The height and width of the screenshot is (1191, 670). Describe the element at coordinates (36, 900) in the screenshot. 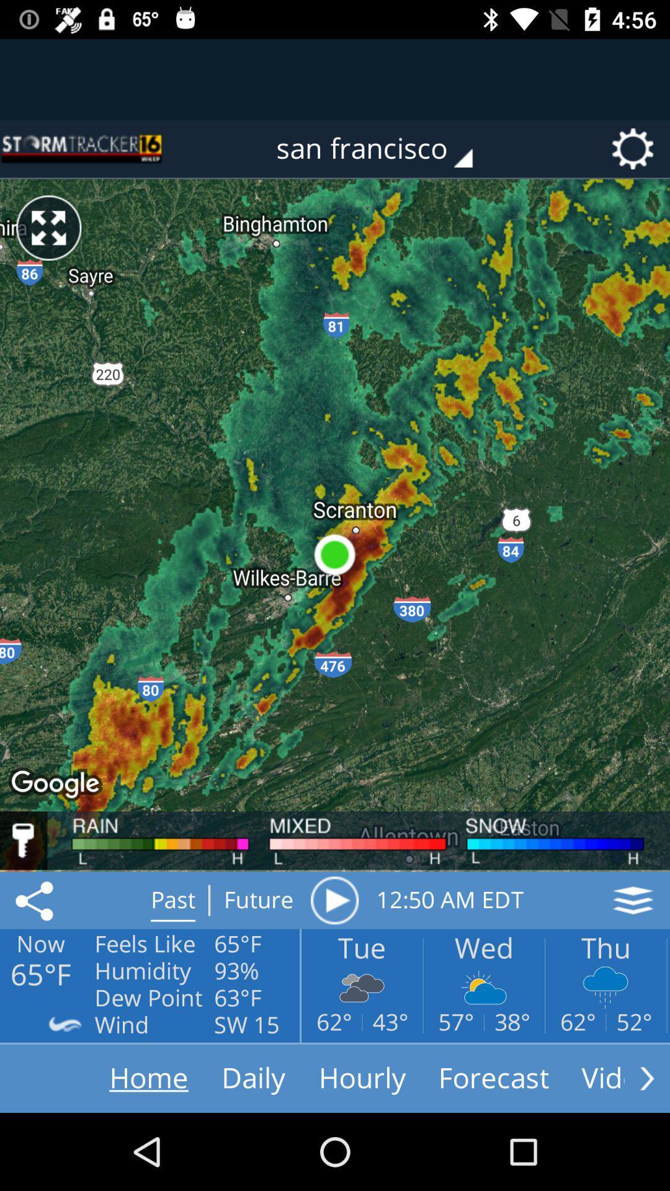

I see `share the forecast` at that location.